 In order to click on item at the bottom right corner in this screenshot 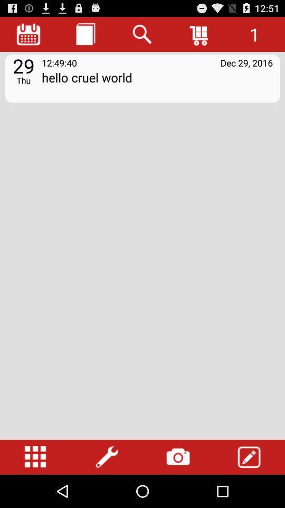, I will do `click(249, 457)`.